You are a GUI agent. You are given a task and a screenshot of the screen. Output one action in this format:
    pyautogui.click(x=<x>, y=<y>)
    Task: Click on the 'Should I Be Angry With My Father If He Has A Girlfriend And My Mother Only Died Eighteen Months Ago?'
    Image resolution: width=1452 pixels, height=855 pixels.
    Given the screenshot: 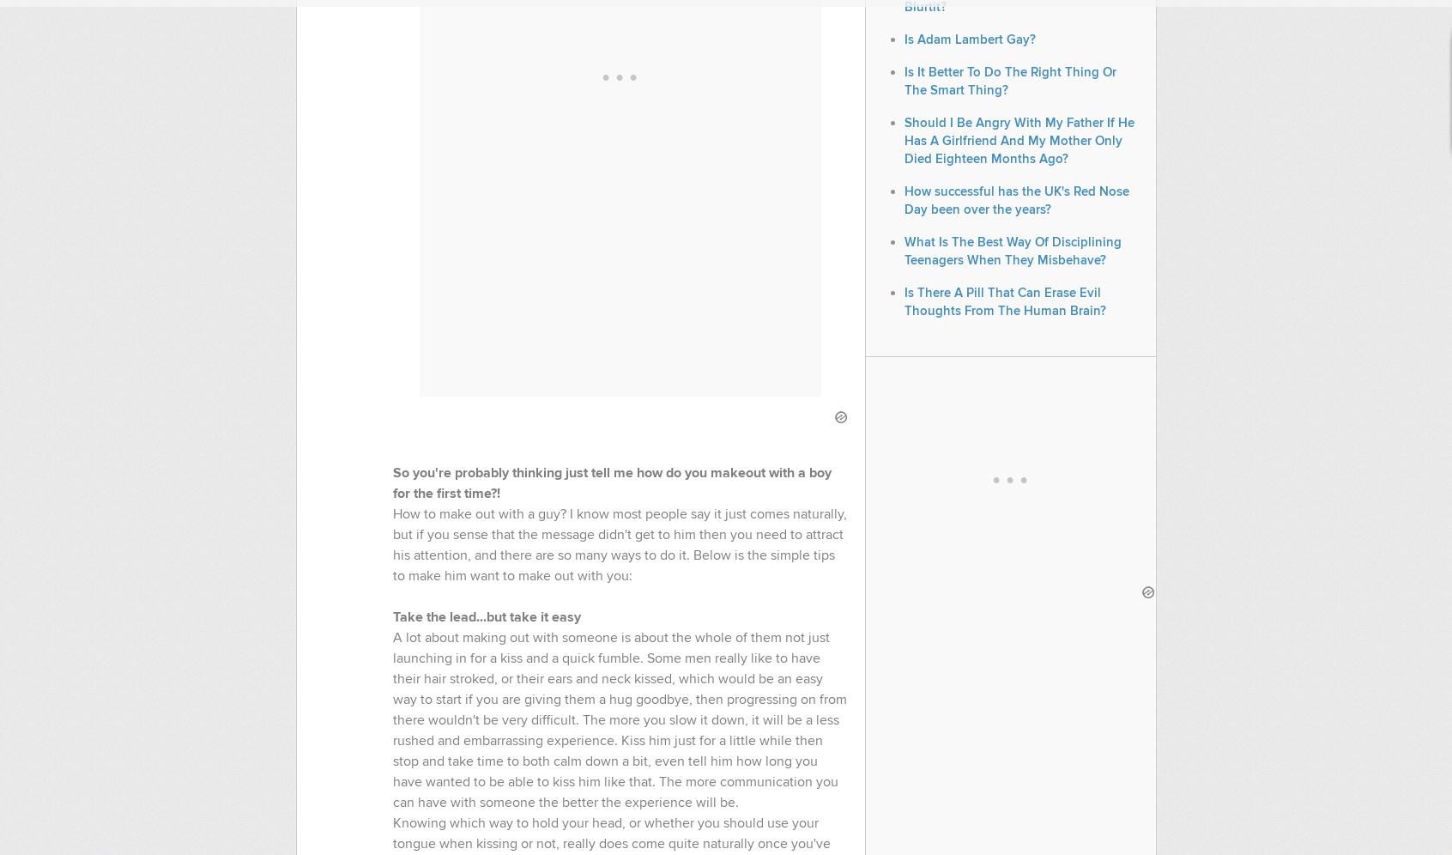 What is the action you would take?
    pyautogui.click(x=1017, y=140)
    